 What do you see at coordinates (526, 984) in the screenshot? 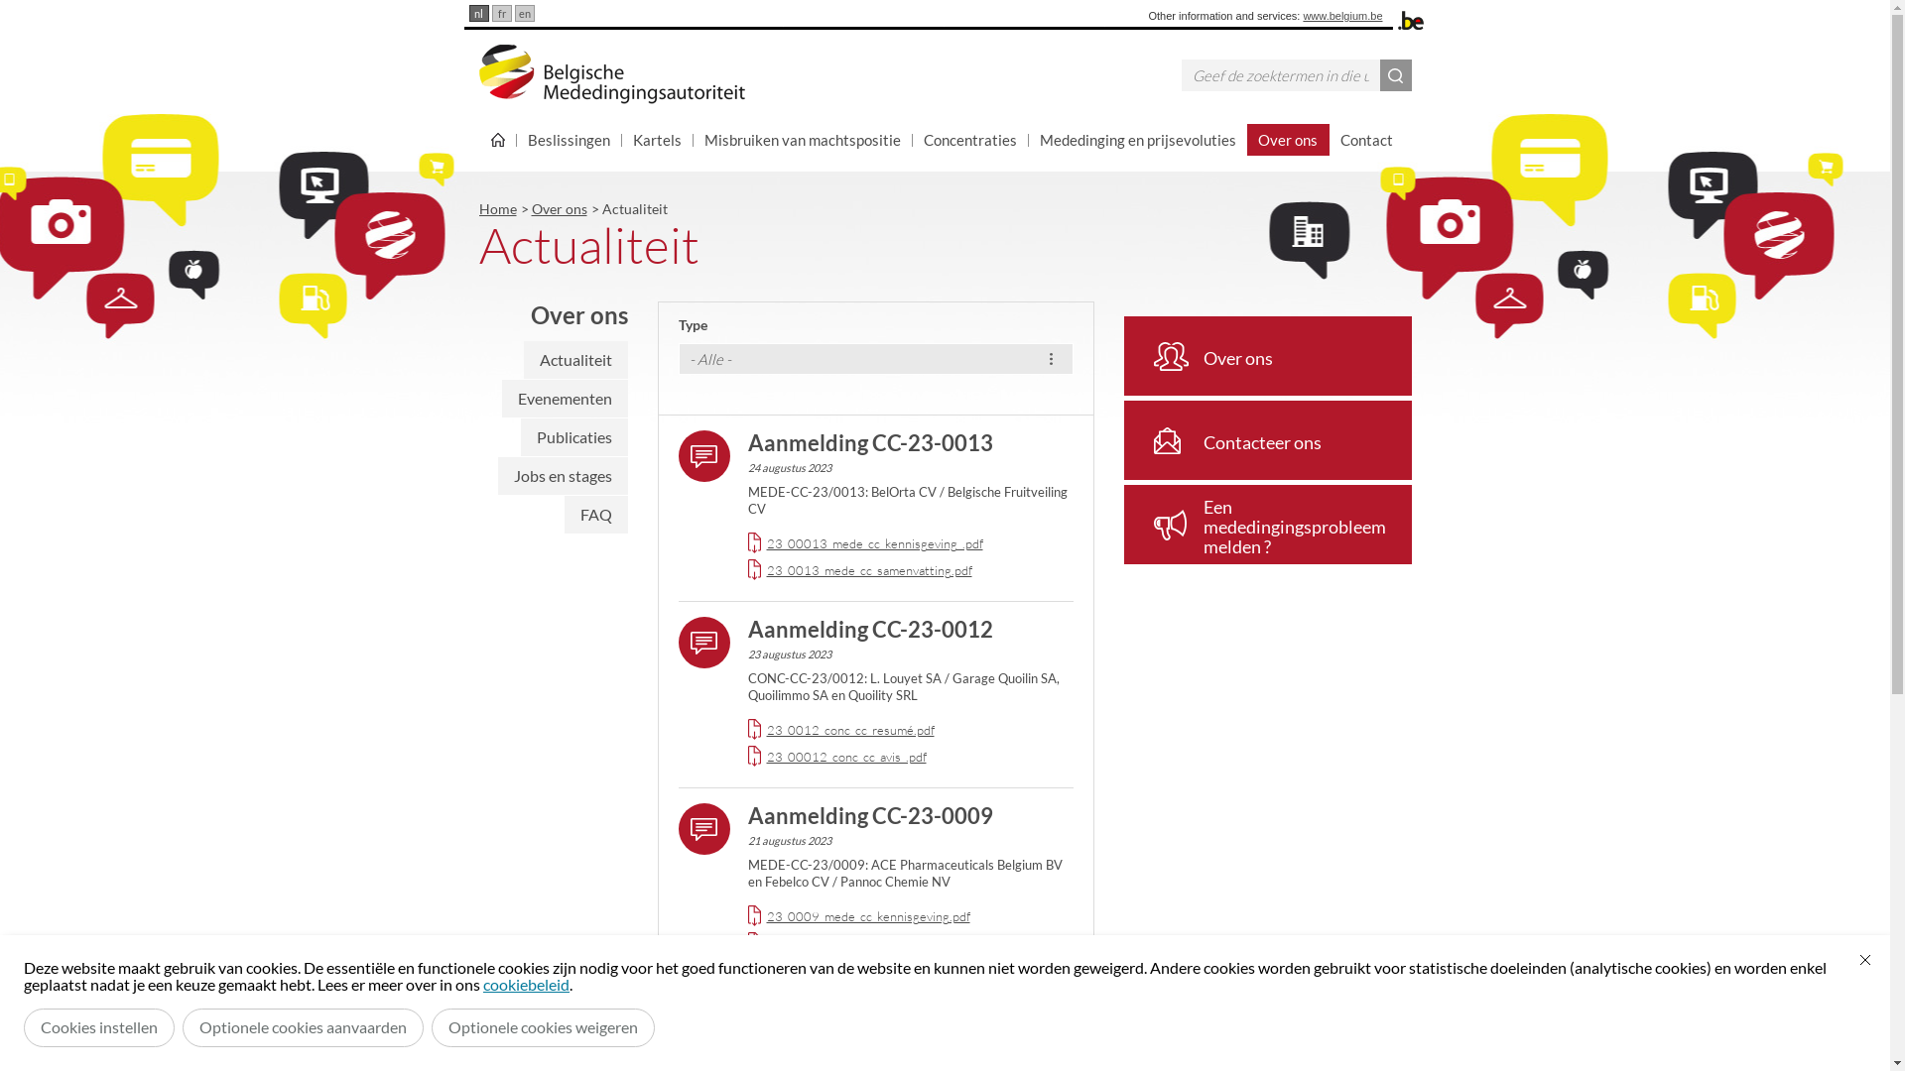
I see `'cookiebeleid'` at bounding box center [526, 984].